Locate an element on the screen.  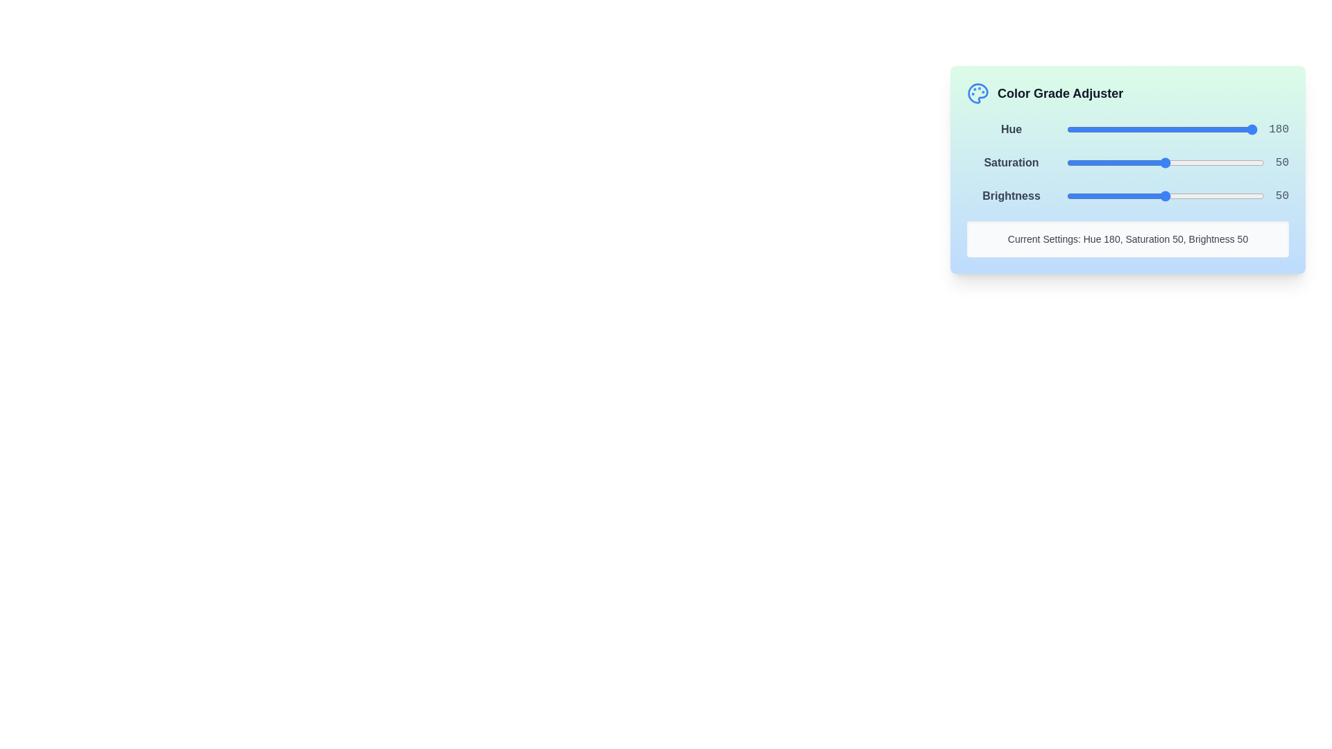
the Palette icon to activate its functionality is located at coordinates (977, 94).